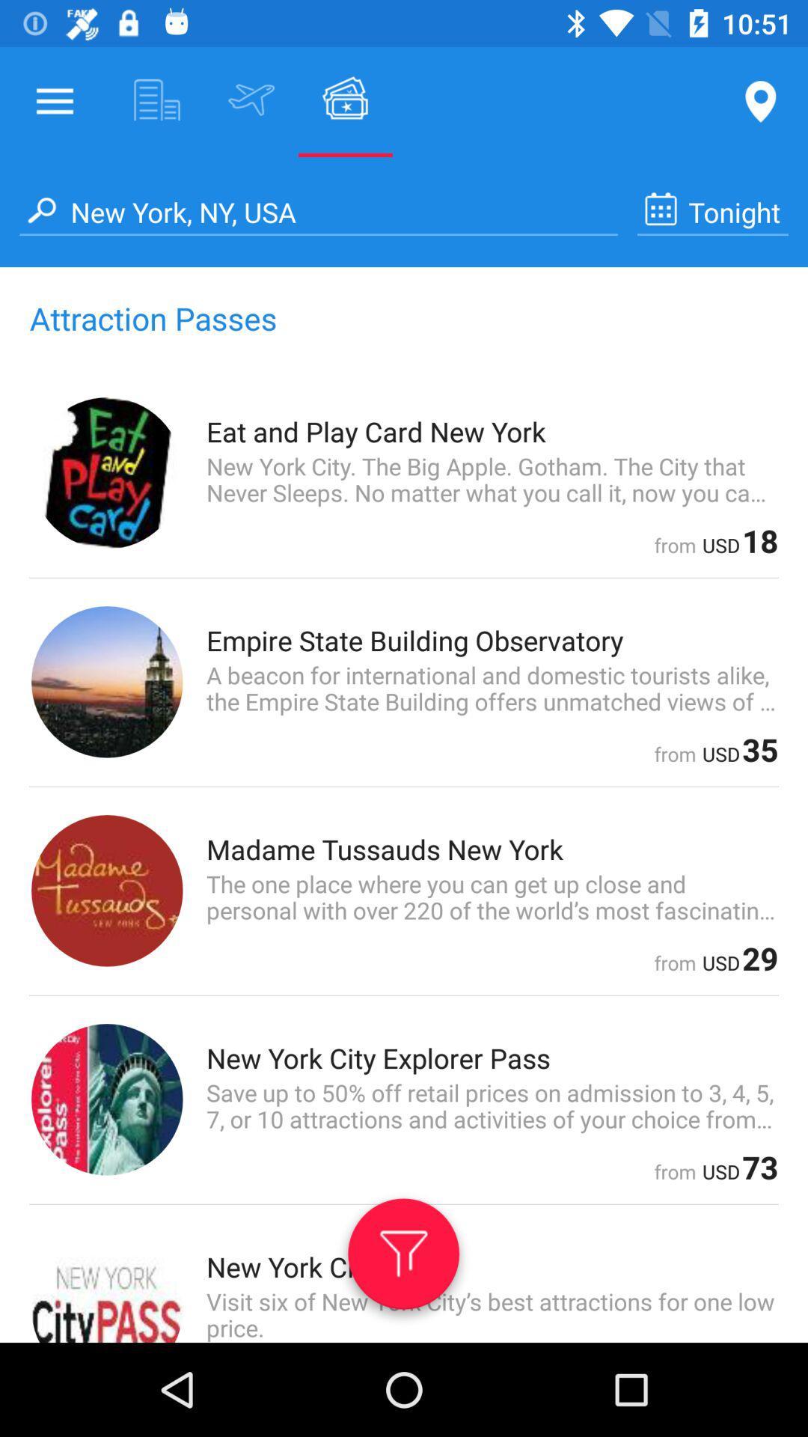 The height and width of the screenshot is (1437, 808). I want to click on the filter icon, so click(403, 1259).